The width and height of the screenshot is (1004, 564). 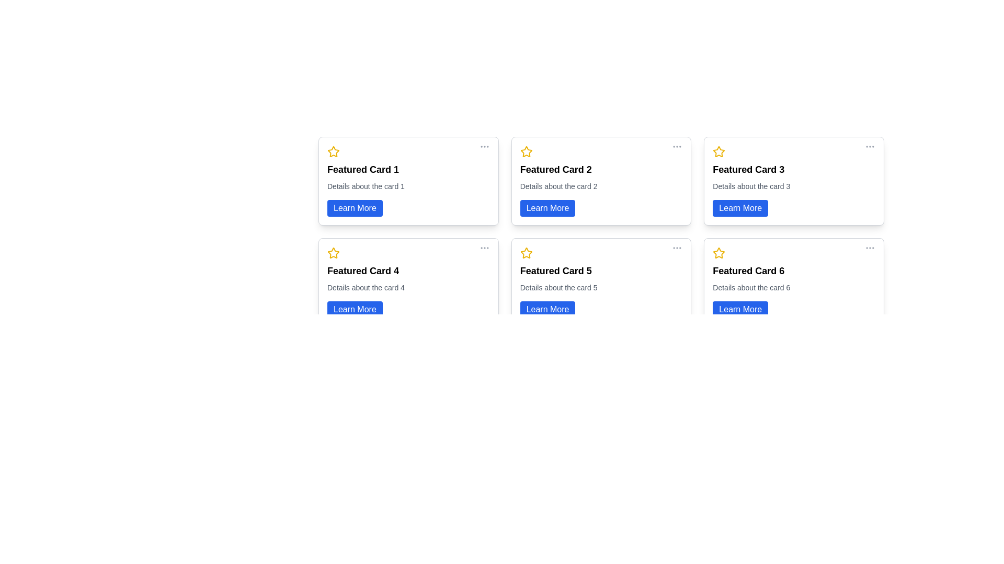 What do you see at coordinates (333, 253) in the screenshot?
I see `the yellow star-shaped icon located at the top-left corner of the 'Featured Card 4', which is part of a grid layout of cards` at bounding box center [333, 253].